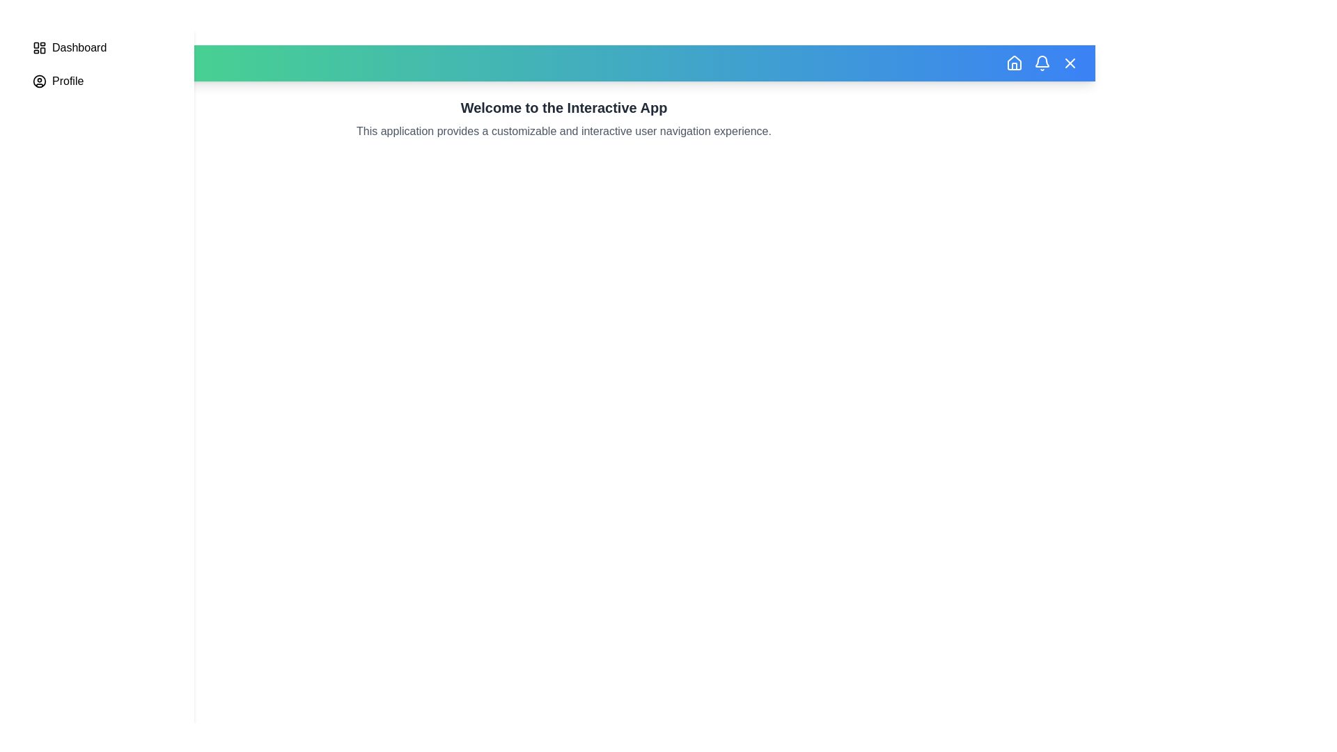 Image resolution: width=1337 pixels, height=752 pixels. Describe the element at coordinates (564, 63) in the screenshot. I see `the Navigation bar titled 'InteractiveAppBar', which features a gradient background and spans horizontally across the top of the interface` at that location.